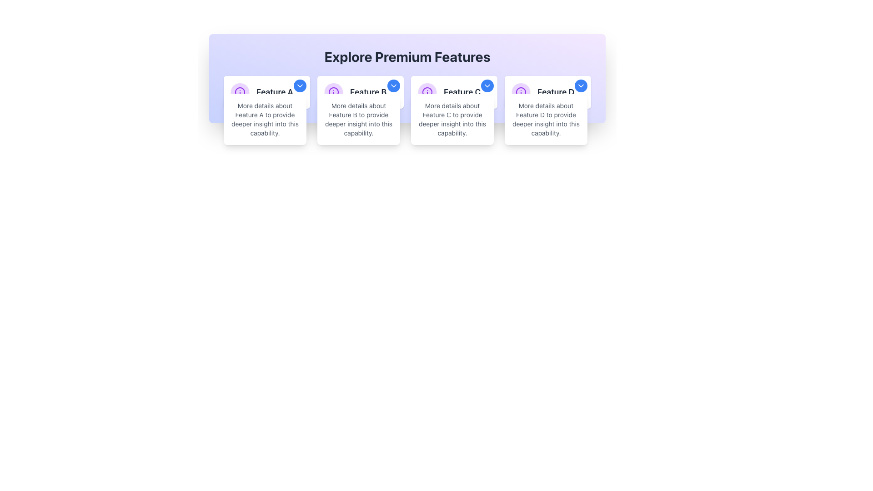 The height and width of the screenshot is (491, 873). Describe the element at coordinates (360, 92) in the screenshot. I see `the static text element displaying the phrase 'Feature B', which is bold and dark gray, located in the second card of a horizontal layout, between a lavender icon and a blue badge` at that location.